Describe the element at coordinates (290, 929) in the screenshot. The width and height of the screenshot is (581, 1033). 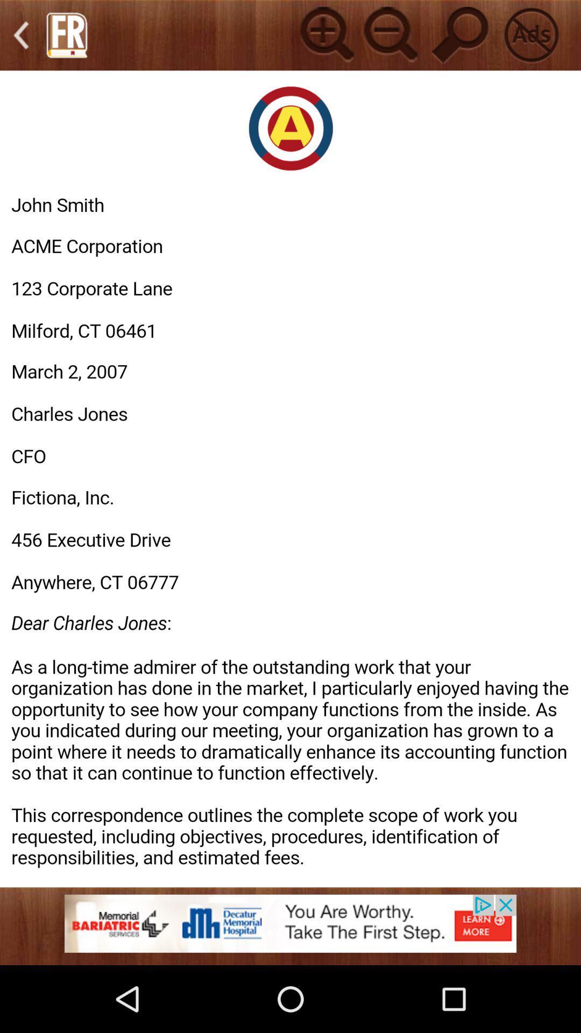
I see `banner advertisement` at that location.